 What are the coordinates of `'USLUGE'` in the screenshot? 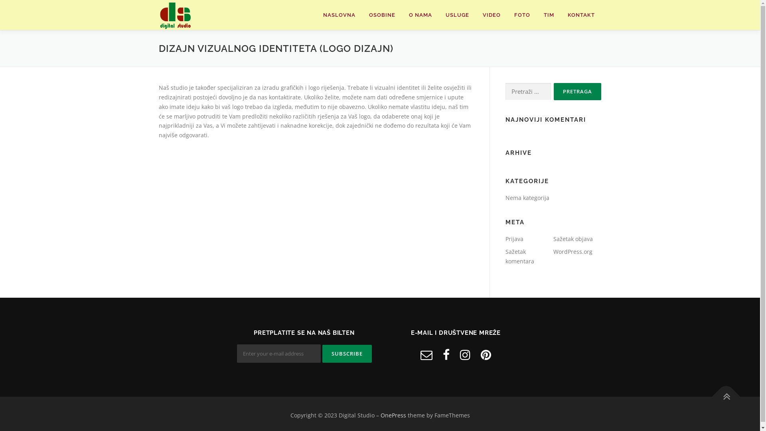 It's located at (457, 15).